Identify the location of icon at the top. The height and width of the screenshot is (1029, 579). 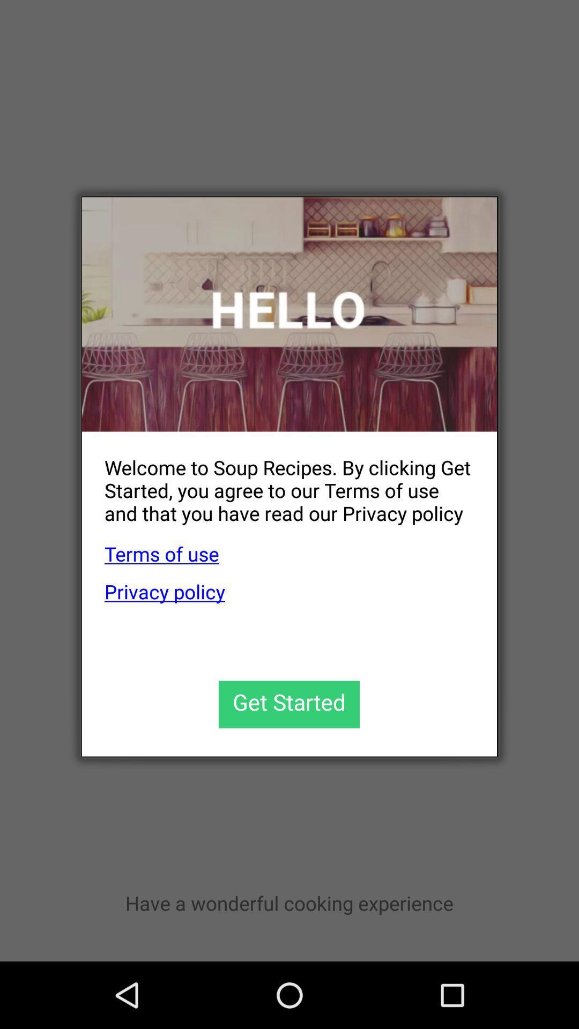
(289, 314).